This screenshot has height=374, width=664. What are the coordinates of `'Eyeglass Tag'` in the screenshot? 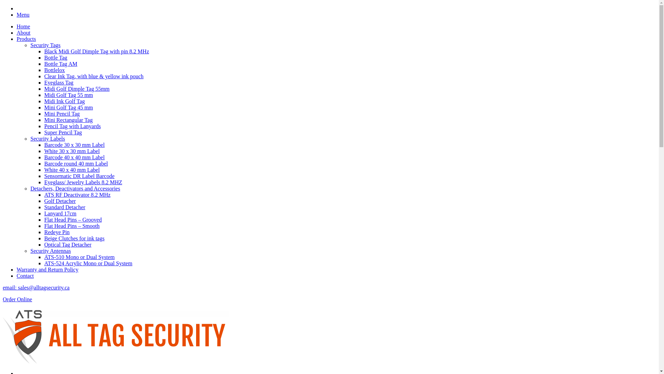 It's located at (44, 82).